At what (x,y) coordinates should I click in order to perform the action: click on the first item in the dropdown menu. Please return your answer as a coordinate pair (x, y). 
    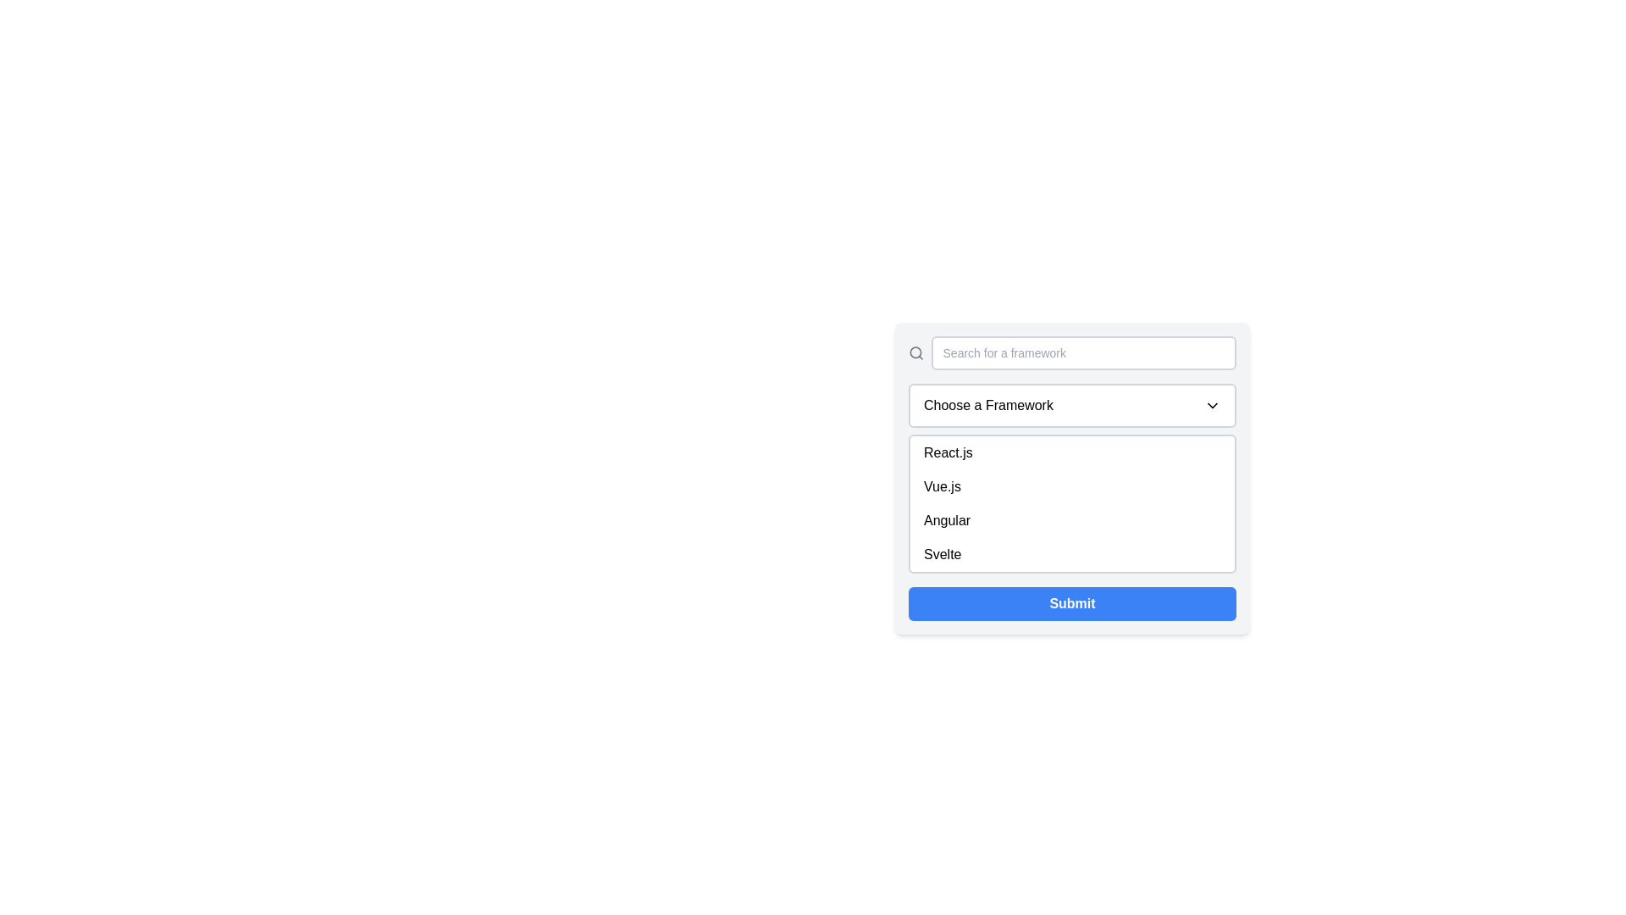
    Looking at the image, I should click on (1071, 452).